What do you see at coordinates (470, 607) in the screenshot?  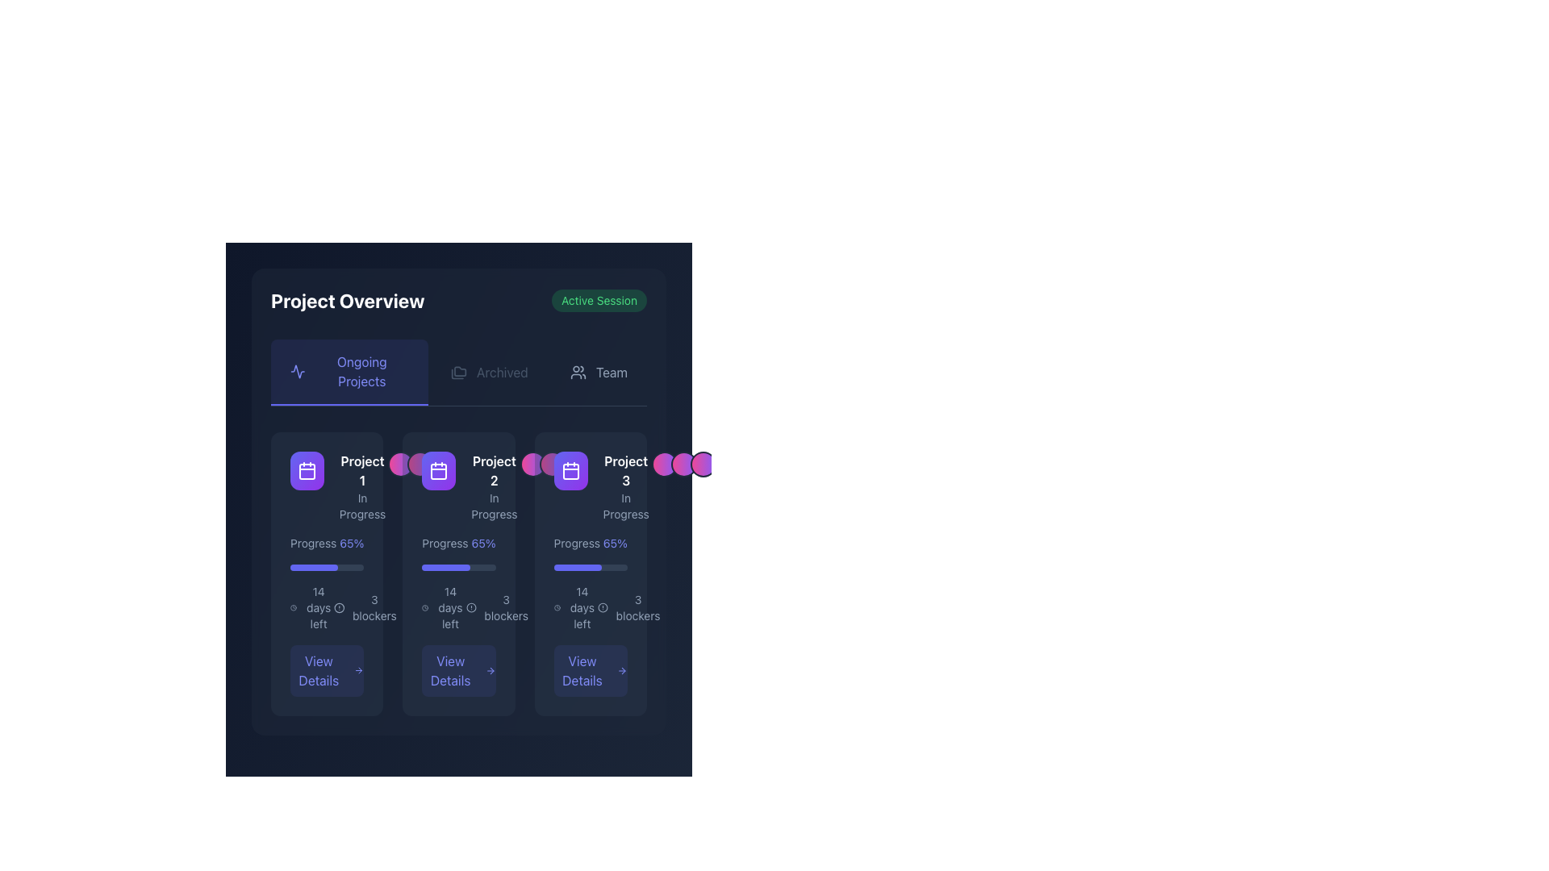 I see `the alert represented by the icon indicating '3 blockers' in the third project card of the 'Ongoing Projects' section` at bounding box center [470, 607].